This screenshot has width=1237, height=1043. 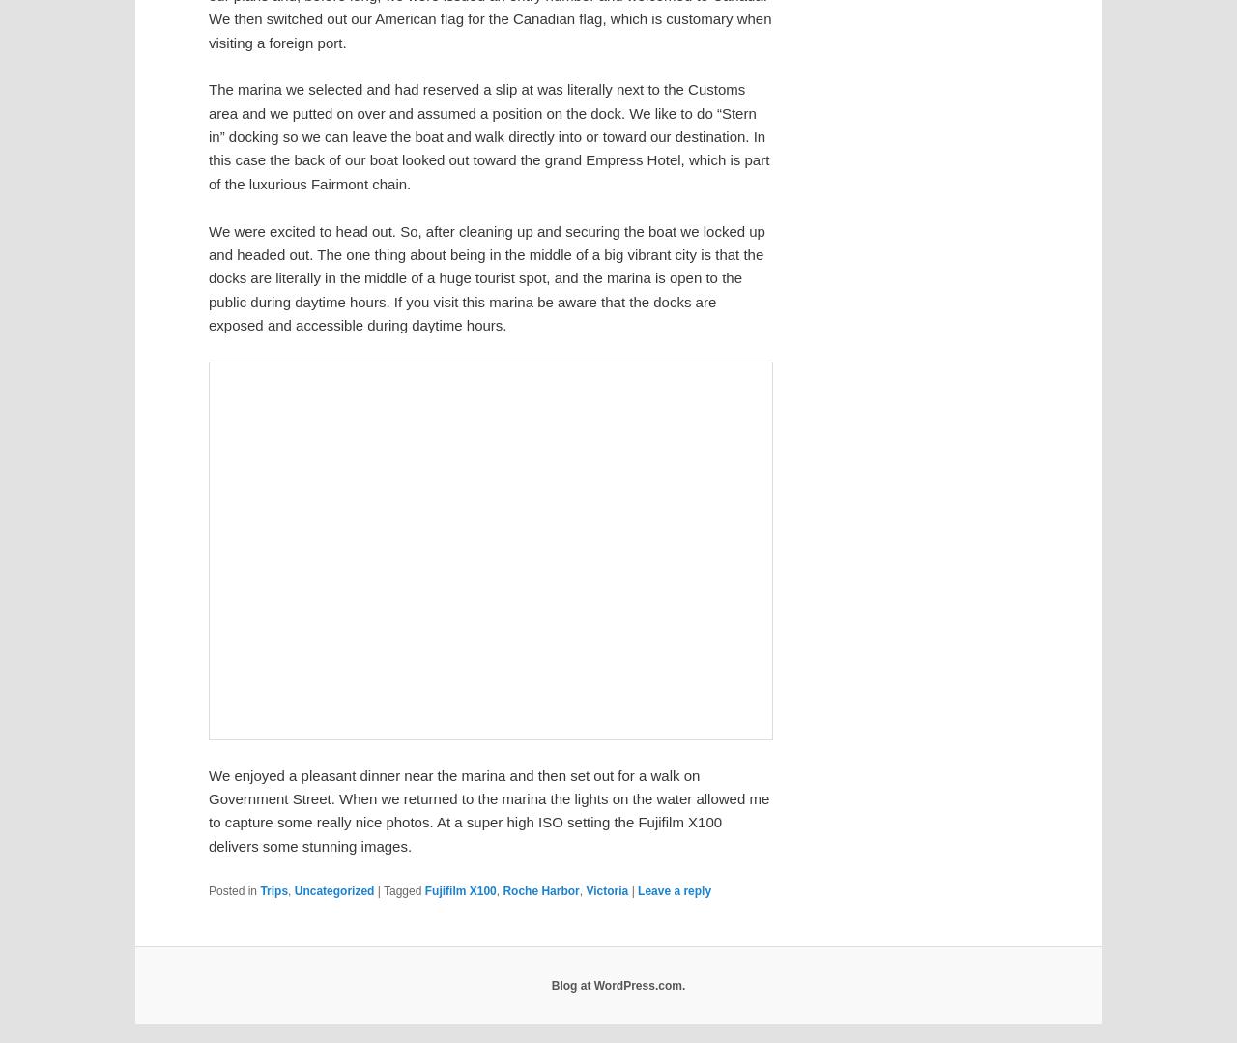 What do you see at coordinates (333, 890) in the screenshot?
I see `'Uncategorized'` at bounding box center [333, 890].